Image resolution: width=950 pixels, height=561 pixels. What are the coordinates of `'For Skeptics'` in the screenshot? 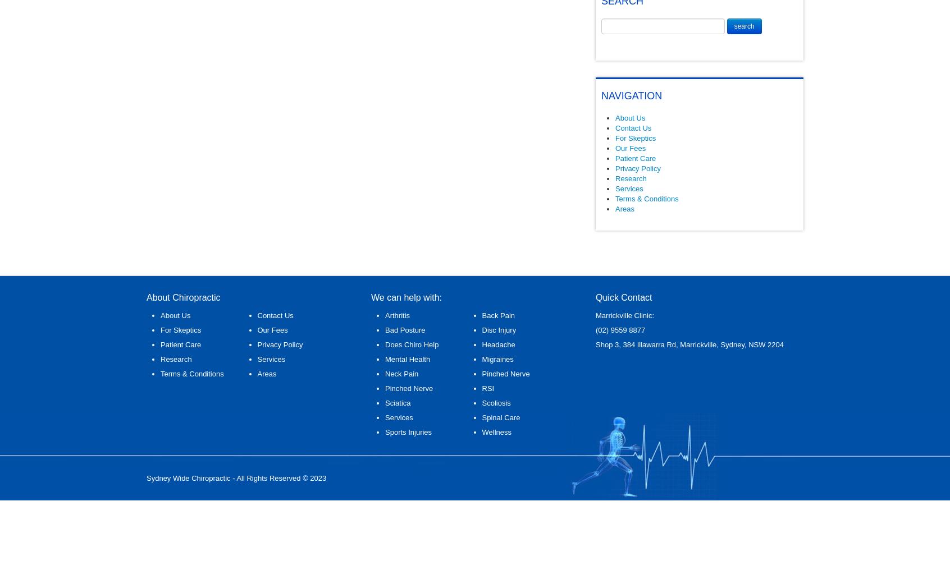 It's located at (634, 137).